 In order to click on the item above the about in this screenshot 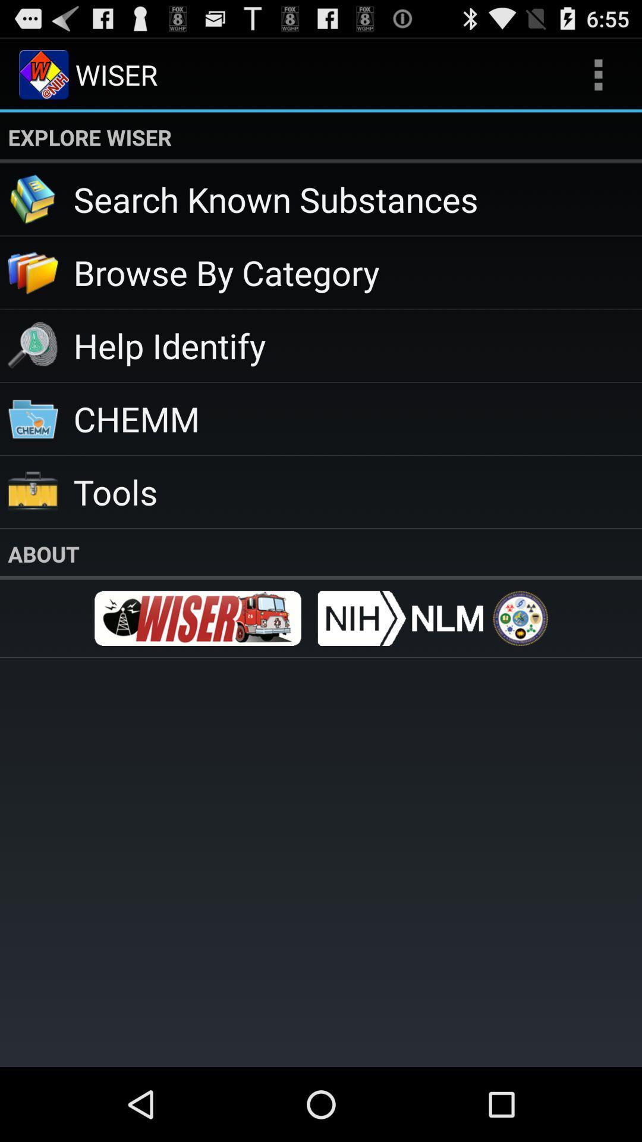, I will do `click(357, 491)`.